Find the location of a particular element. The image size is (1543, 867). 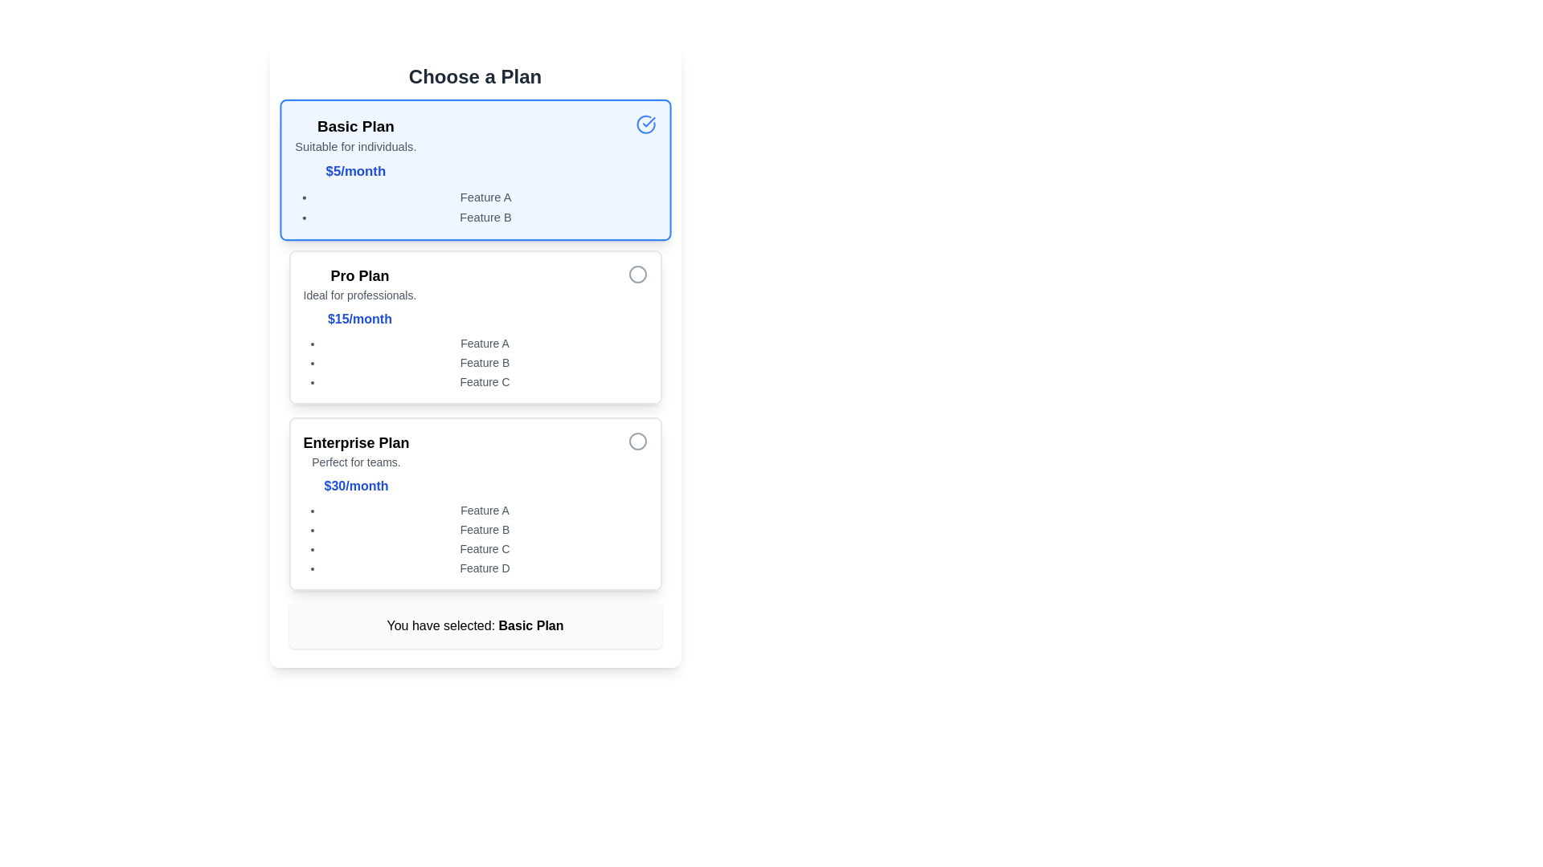

the text element displaying 'Feature A' in the bullet-point list under the 'Pro Plan' section is located at coordinates (484, 343).